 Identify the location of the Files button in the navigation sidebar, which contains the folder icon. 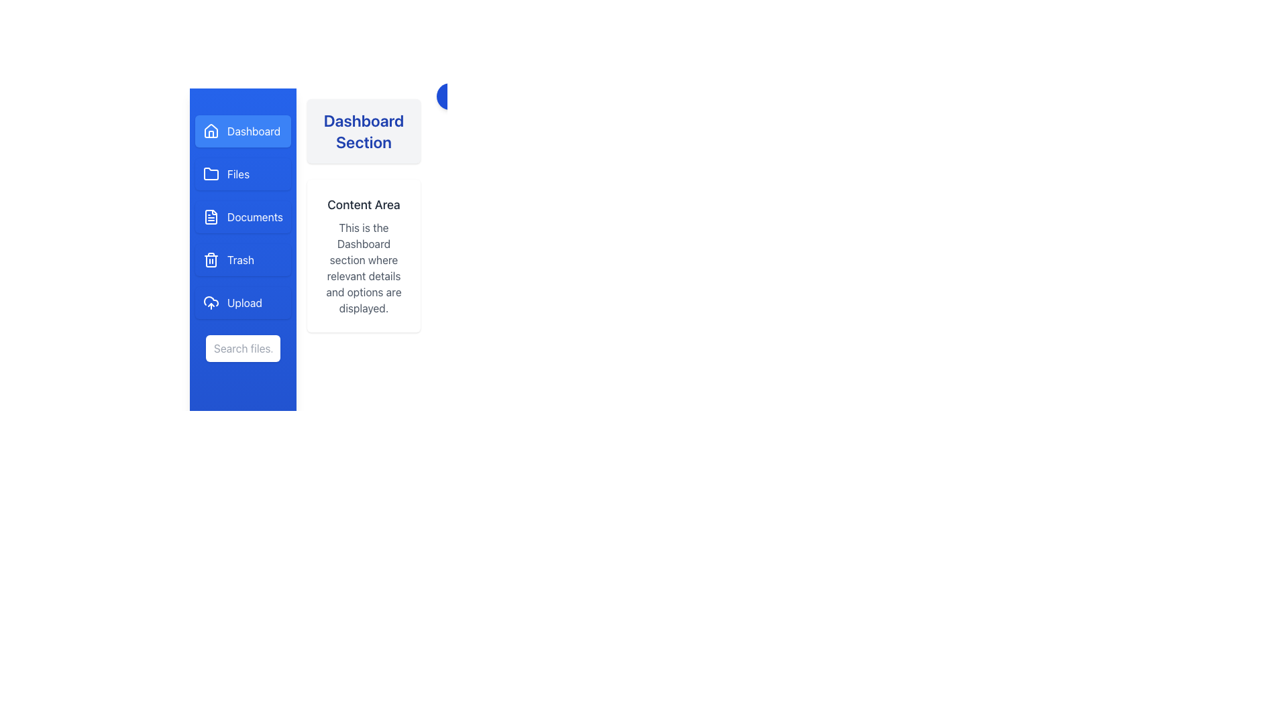
(211, 173).